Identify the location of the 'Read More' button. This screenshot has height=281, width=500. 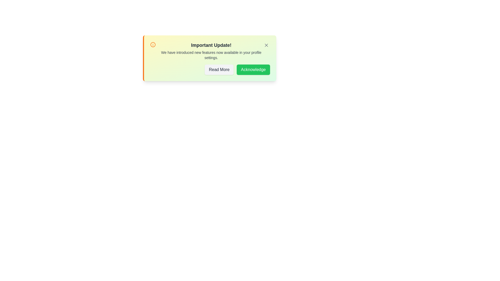
(219, 69).